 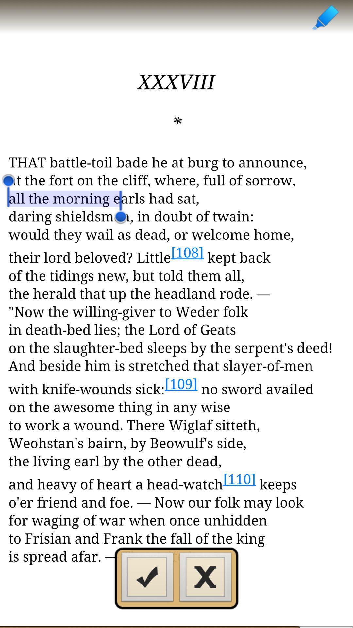 I want to click on highlight text, so click(x=325, y=17).